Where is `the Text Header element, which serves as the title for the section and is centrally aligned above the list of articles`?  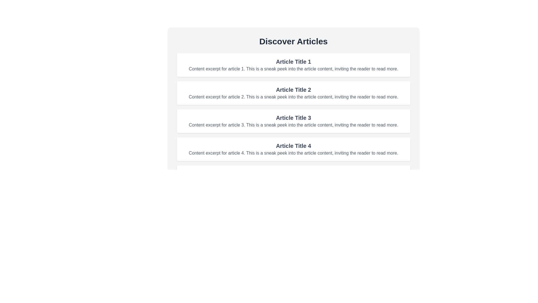
the Text Header element, which serves as the title for the section and is centrally aligned above the list of articles is located at coordinates (293, 41).